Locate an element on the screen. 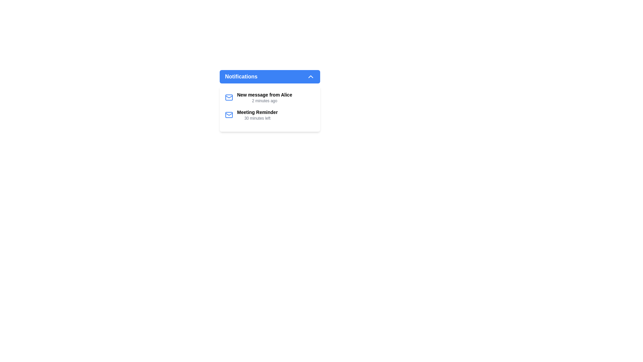  the main rectangular body of the envelope icon located within the notification dropdown, to the left of the first notification entry titled 'New message from Alice' is located at coordinates (229, 97).